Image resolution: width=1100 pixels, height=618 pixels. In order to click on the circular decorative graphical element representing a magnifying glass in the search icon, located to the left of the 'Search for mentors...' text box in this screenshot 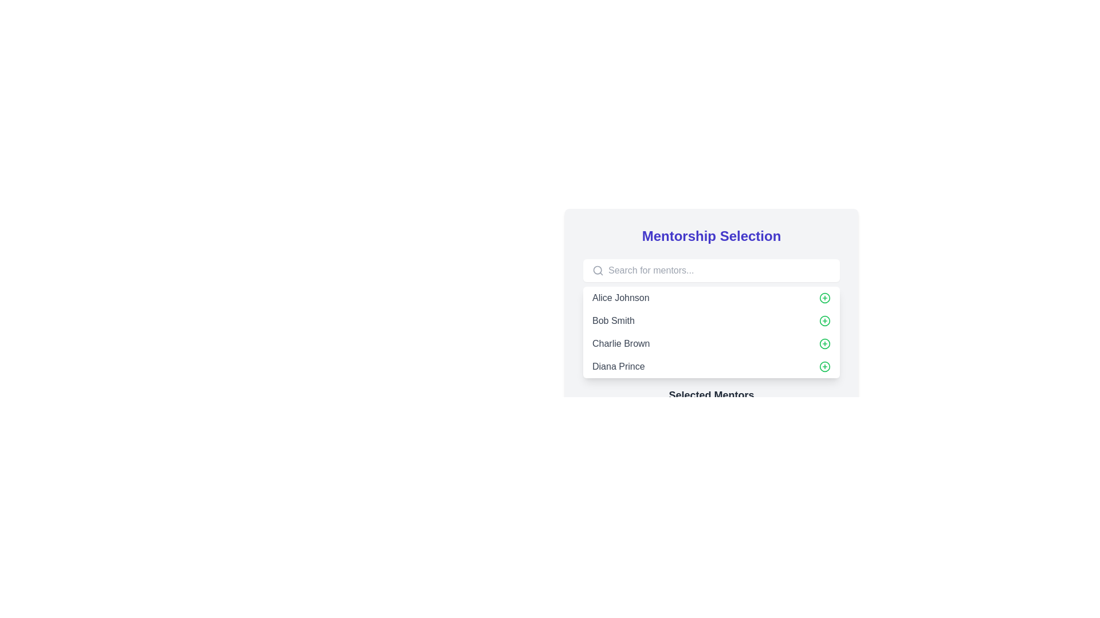, I will do `click(597, 270)`.